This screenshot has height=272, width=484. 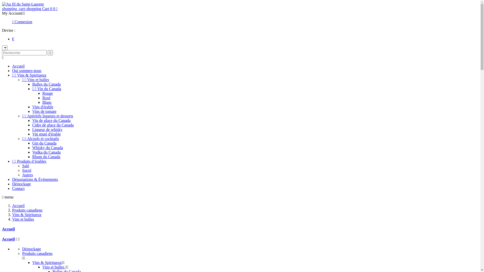 What do you see at coordinates (44, 143) in the screenshot?
I see `'Gin du Canada'` at bounding box center [44, 143].